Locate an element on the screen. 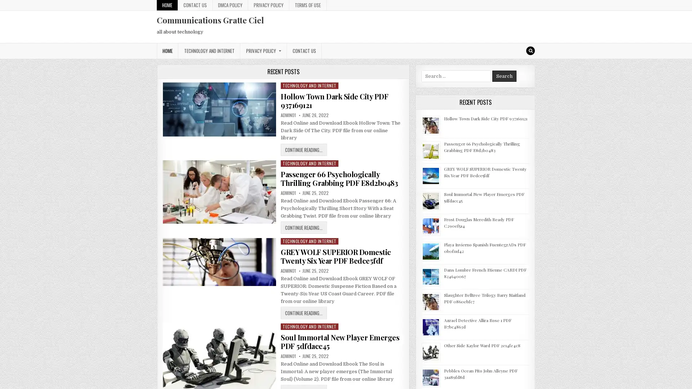 The image size is (692, 389). Search is located at coordinates (504, 76).